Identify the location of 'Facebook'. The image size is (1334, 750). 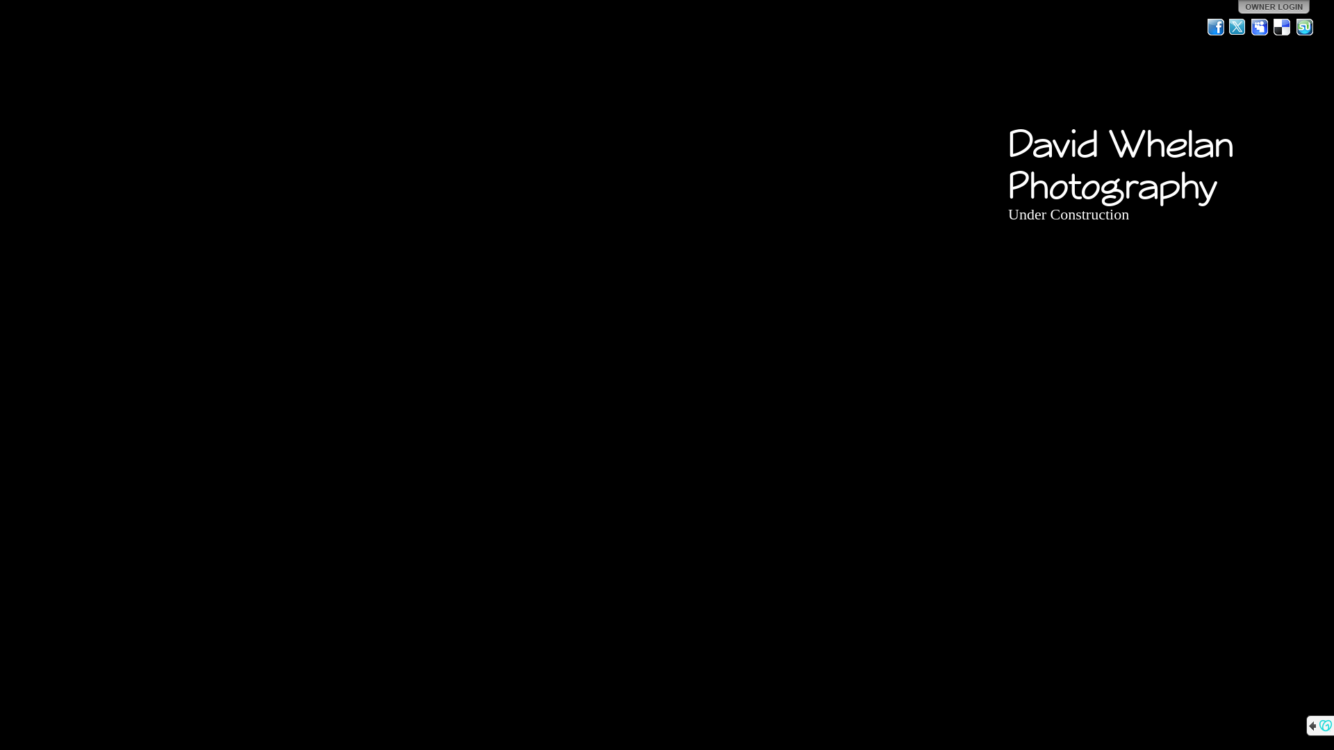
(1205, 26).